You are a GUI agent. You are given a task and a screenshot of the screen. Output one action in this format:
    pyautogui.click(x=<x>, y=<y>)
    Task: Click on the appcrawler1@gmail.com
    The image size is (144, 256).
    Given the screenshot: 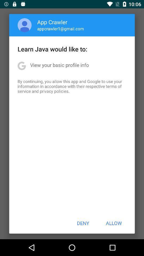 What is the action you would take?
    pyautogui.click(x=60, y=29)
    